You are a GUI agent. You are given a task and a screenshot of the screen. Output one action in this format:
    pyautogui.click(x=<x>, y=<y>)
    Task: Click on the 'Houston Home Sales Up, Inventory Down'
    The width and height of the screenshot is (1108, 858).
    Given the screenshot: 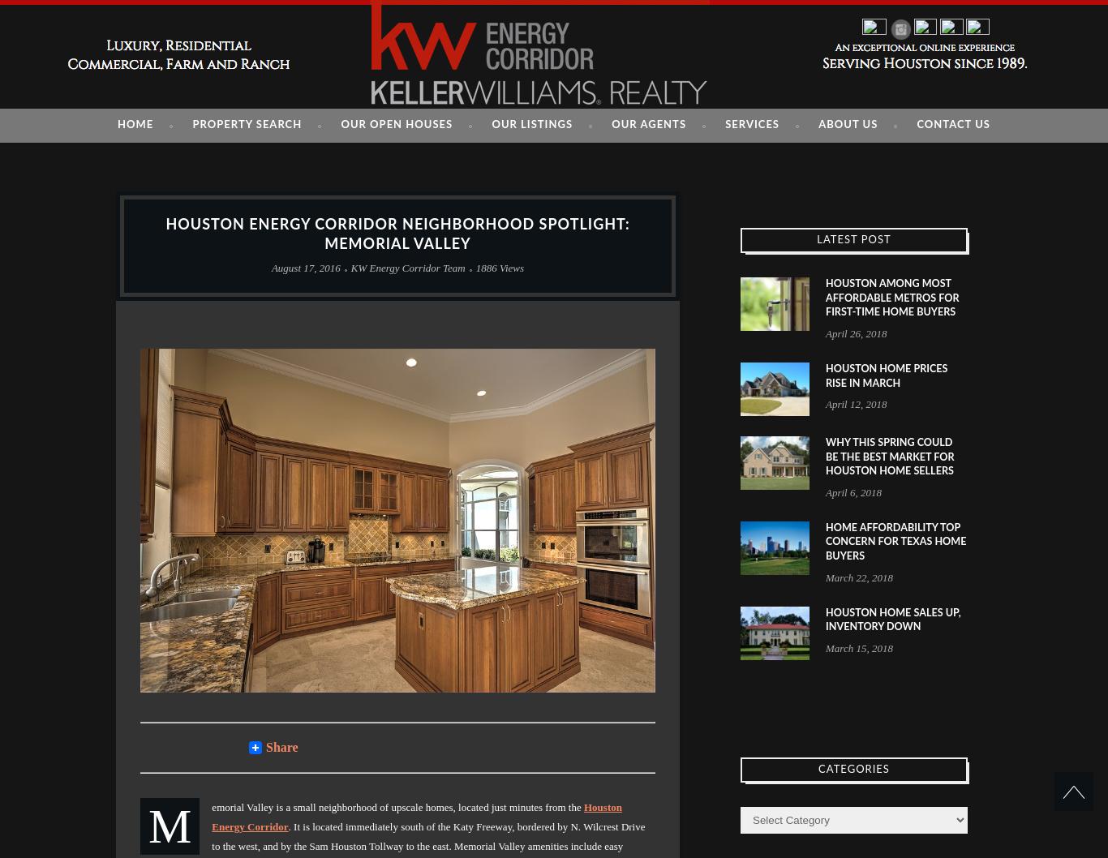 What is the action you would take?
    pyautogui.click(x=825, y=619)
    